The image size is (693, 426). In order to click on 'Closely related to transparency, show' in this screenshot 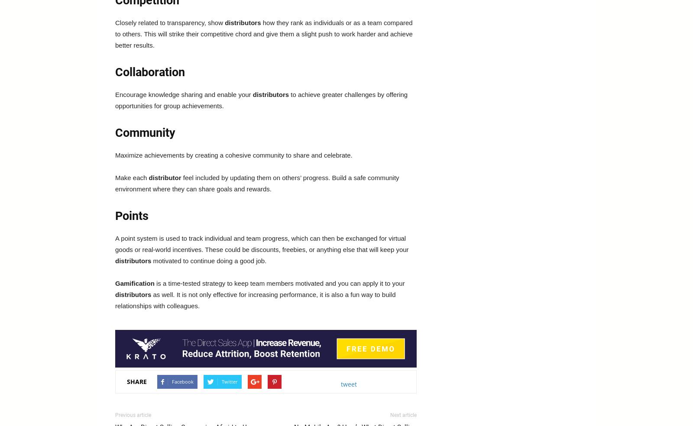, I will do `click(170, 22)`.